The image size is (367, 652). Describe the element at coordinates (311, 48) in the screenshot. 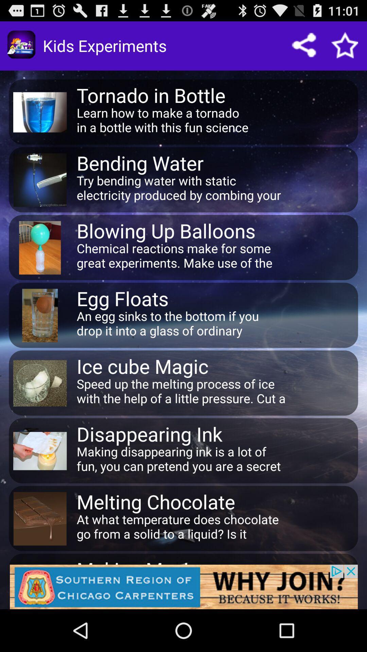

I see `the share icon` at that location.